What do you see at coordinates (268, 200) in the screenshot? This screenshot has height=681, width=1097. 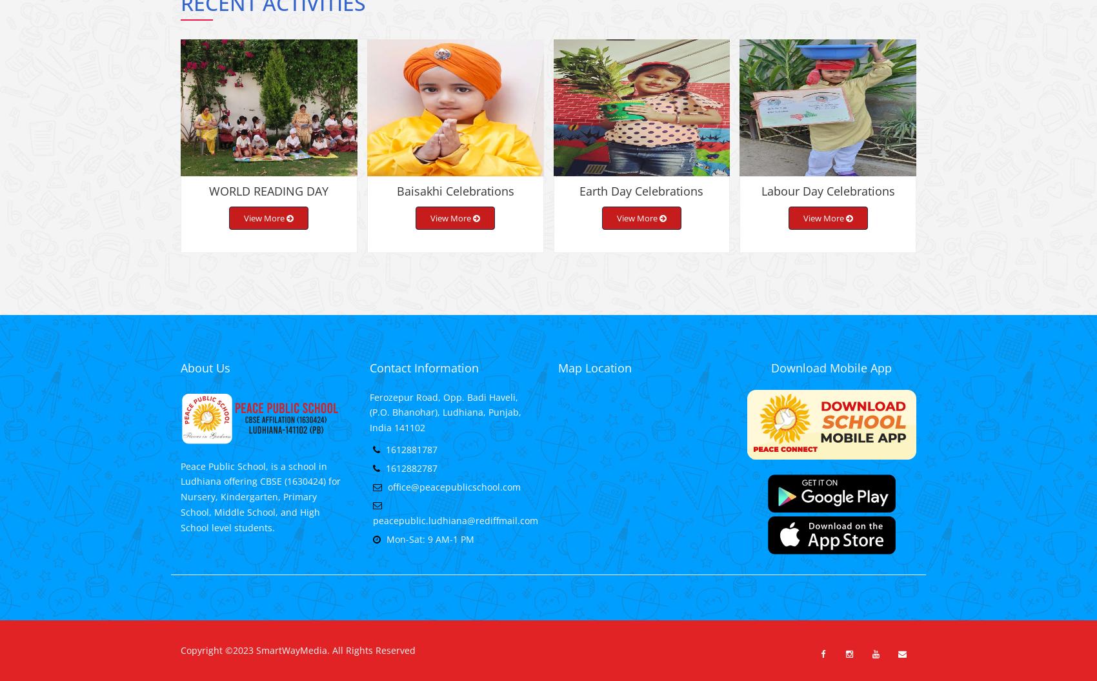 I see `'WORLD READING DAY'` at bounding box center [268, 200].